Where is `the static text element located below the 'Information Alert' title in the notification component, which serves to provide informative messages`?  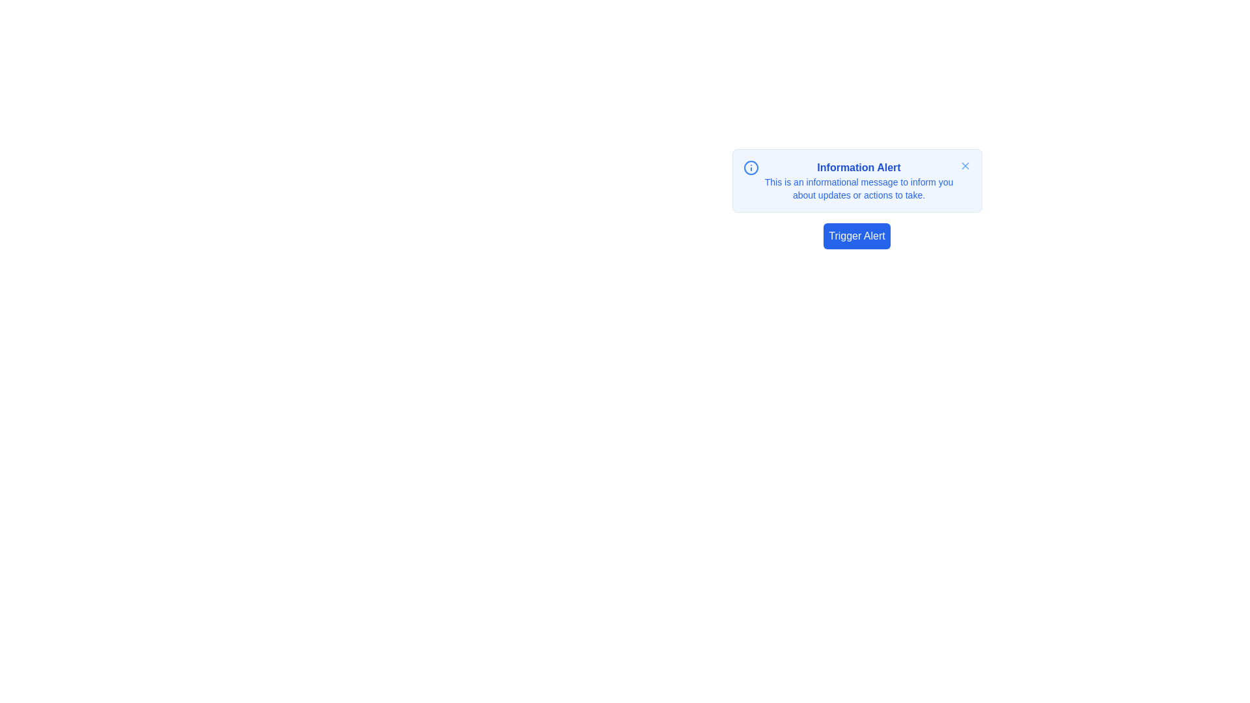
the static text element located below the 'Information Alert' title in the notification component, which serves to provide informative messages is located at coordinates (859, 188).